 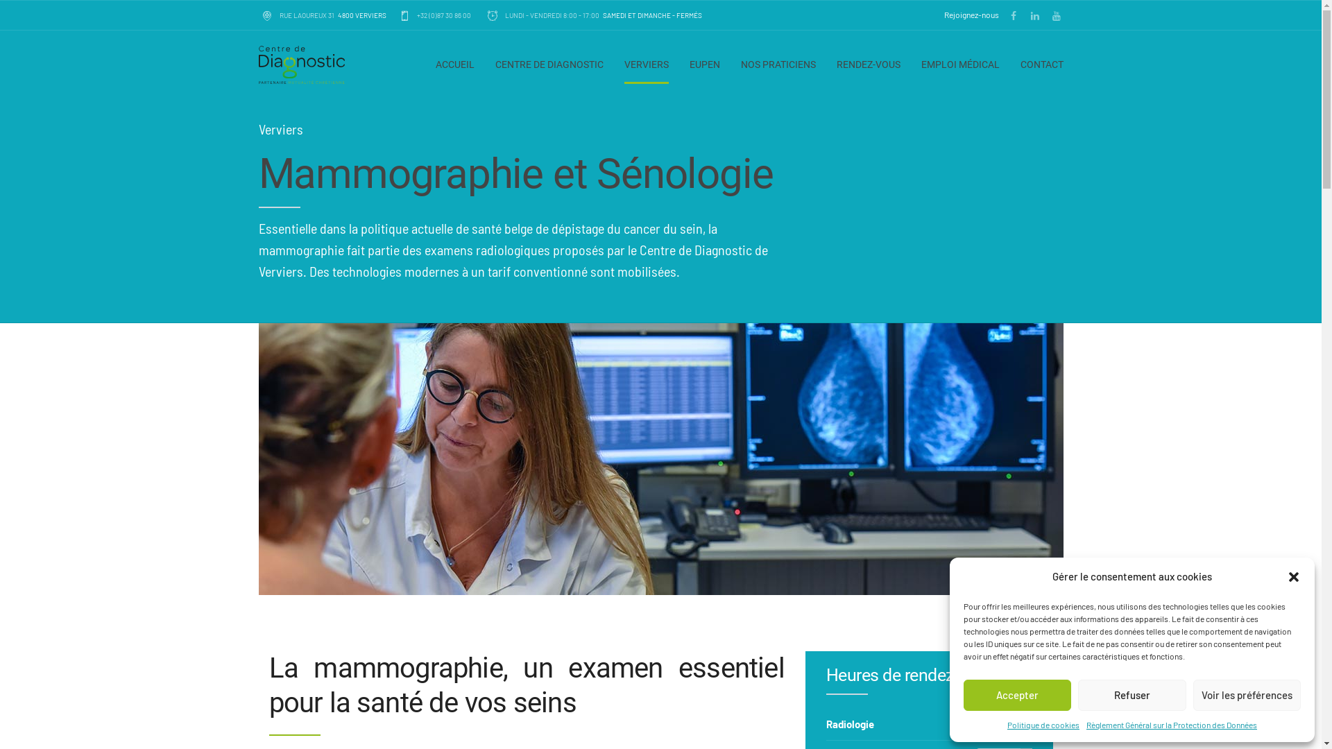 I want to click on 'CONTACT', so click(x=1041, y=64).